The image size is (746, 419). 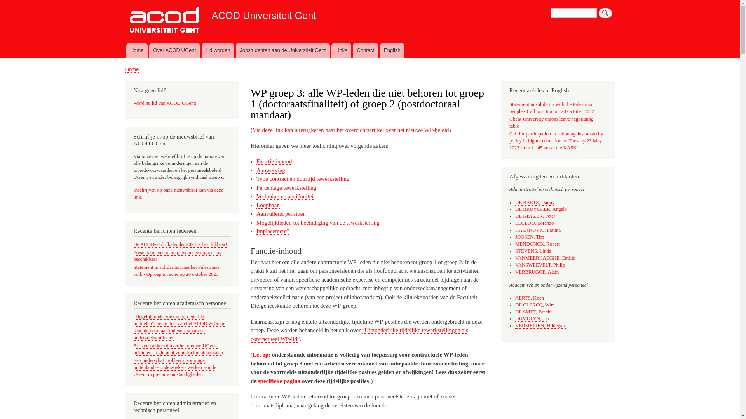 I want to click on 'MENDONCK, Robert', so click(x=537, y=244).